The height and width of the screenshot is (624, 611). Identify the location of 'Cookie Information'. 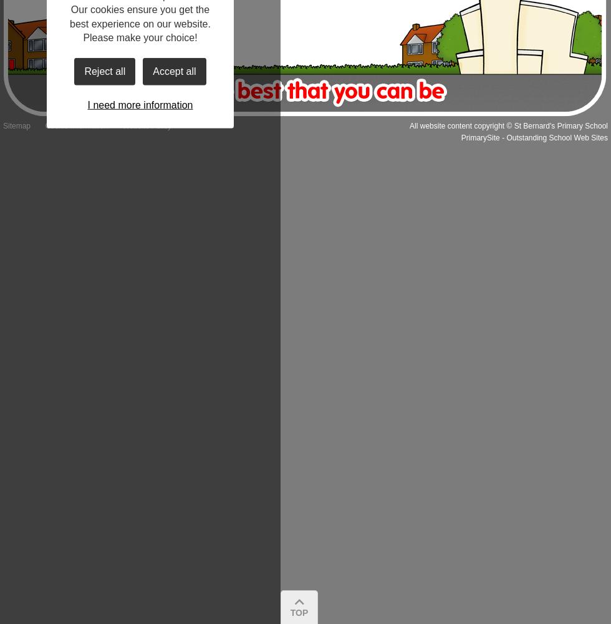
(76, 125).